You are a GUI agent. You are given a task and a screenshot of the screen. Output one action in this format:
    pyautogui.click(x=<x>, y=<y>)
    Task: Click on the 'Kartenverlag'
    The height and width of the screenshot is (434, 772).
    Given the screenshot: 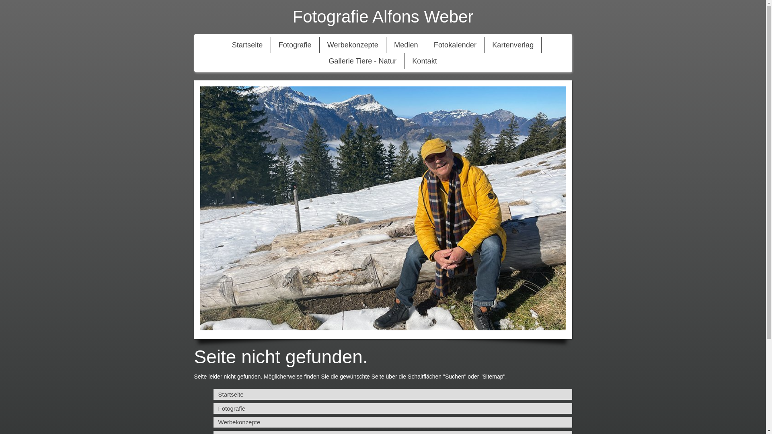 What is the action you would take?
    pyautogui.click(x=512, y=45)
    